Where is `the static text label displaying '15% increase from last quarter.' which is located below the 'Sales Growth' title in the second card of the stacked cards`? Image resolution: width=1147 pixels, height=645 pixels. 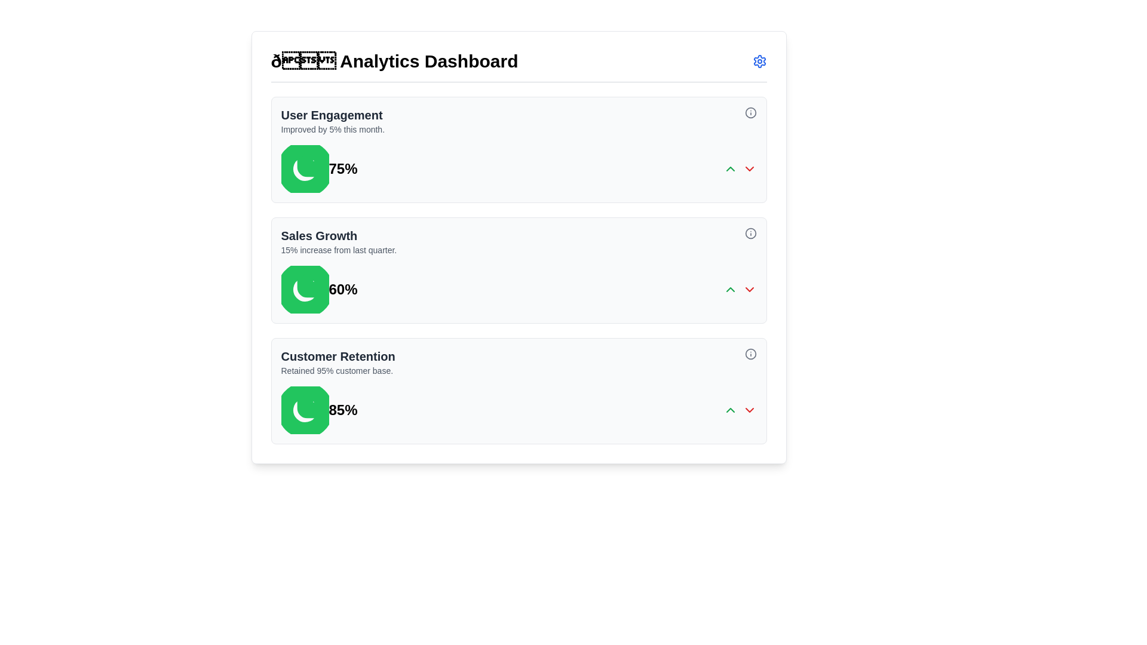
the static text label displaying '15% increase from last quarter.' which is located below the 'Sales Growth' title in the second card of the stacked cards is located at coordinates (338, 250).